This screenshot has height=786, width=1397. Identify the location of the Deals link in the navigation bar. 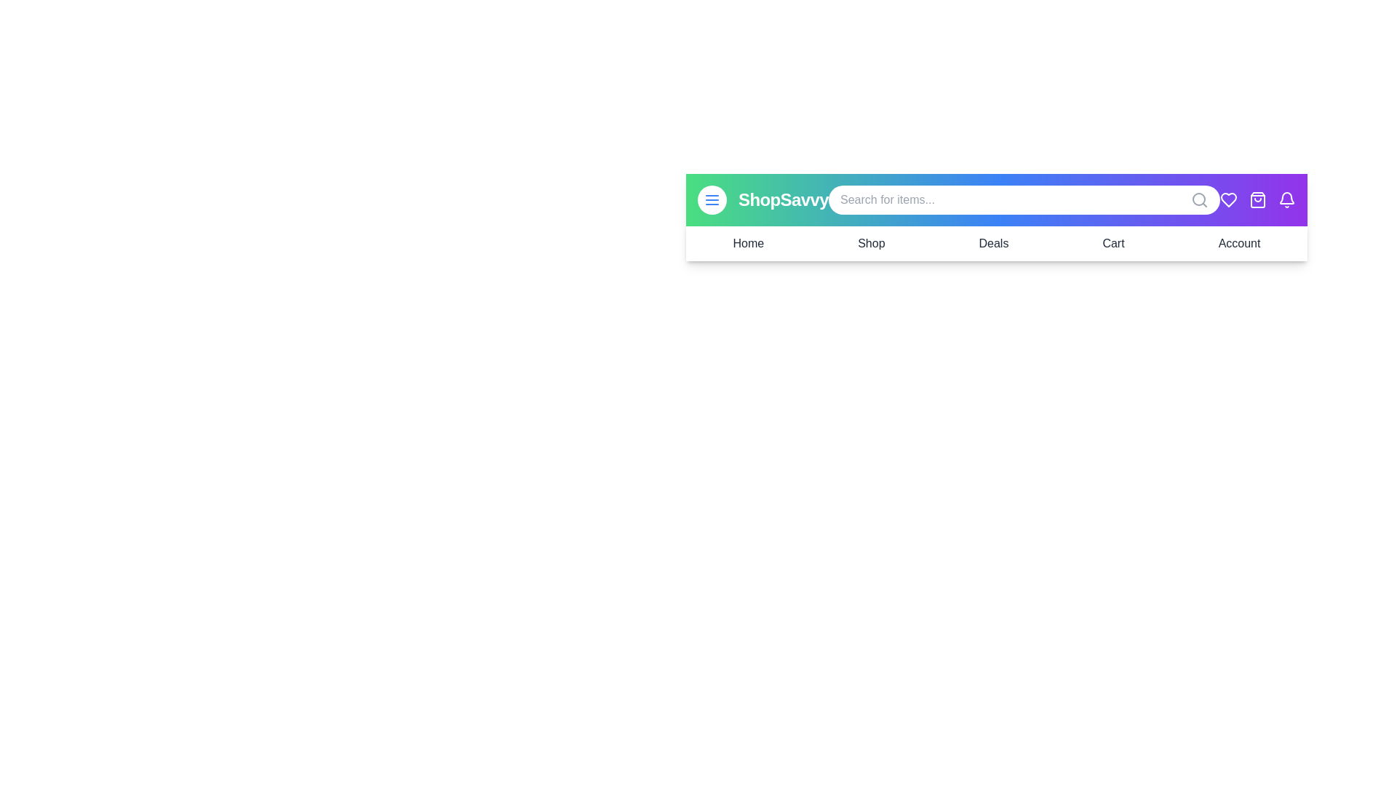
(992, 243).